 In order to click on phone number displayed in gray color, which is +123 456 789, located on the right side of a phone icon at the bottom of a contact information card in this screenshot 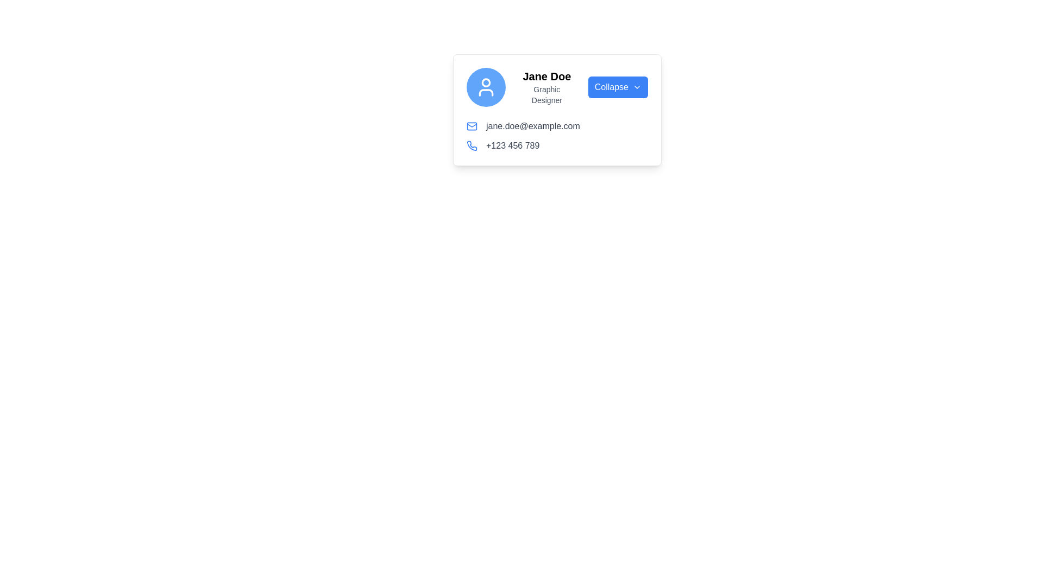, I will do `click(512, 145)`.